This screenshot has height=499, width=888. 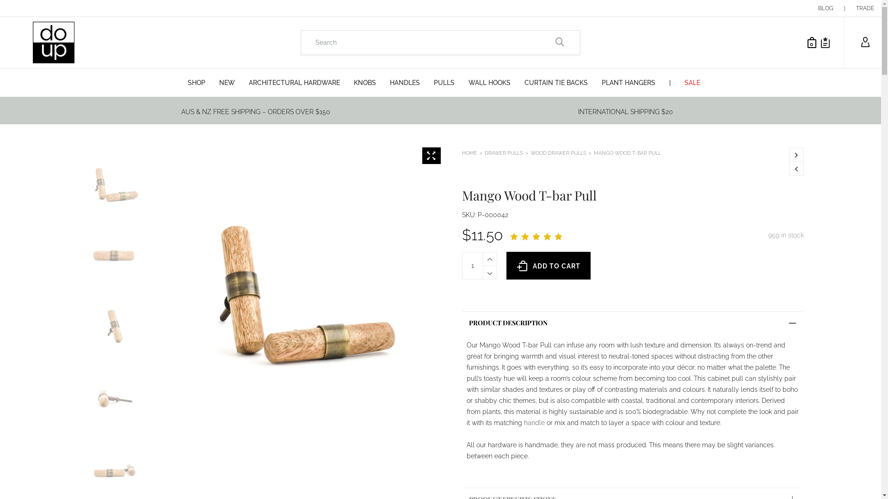 I want to click on 'Qty', so click(x=473, y=265).